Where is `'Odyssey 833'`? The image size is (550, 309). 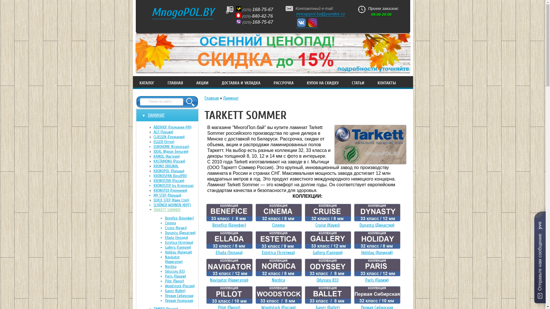
'Odyssey 833' is located at coordinates (327, 280).